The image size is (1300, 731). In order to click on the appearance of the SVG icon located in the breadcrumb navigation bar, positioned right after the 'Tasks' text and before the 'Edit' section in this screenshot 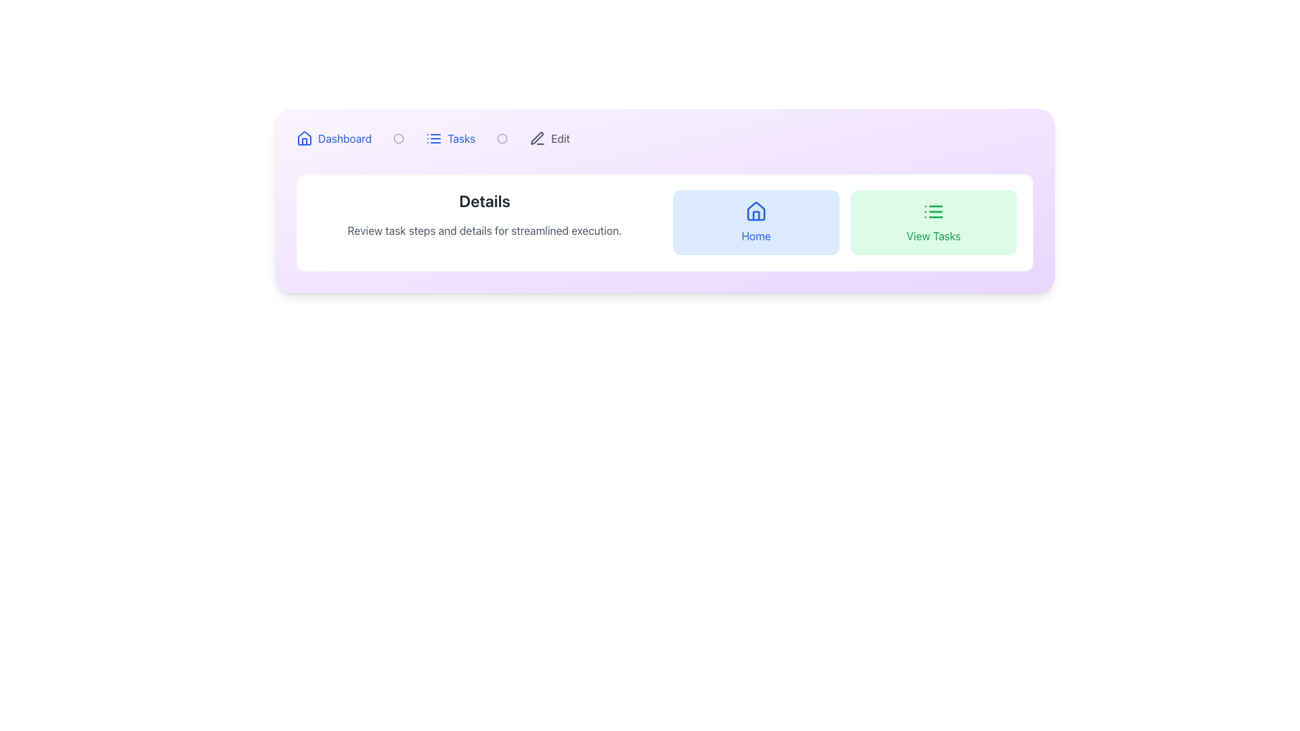, I will do `click(398, 138)`.